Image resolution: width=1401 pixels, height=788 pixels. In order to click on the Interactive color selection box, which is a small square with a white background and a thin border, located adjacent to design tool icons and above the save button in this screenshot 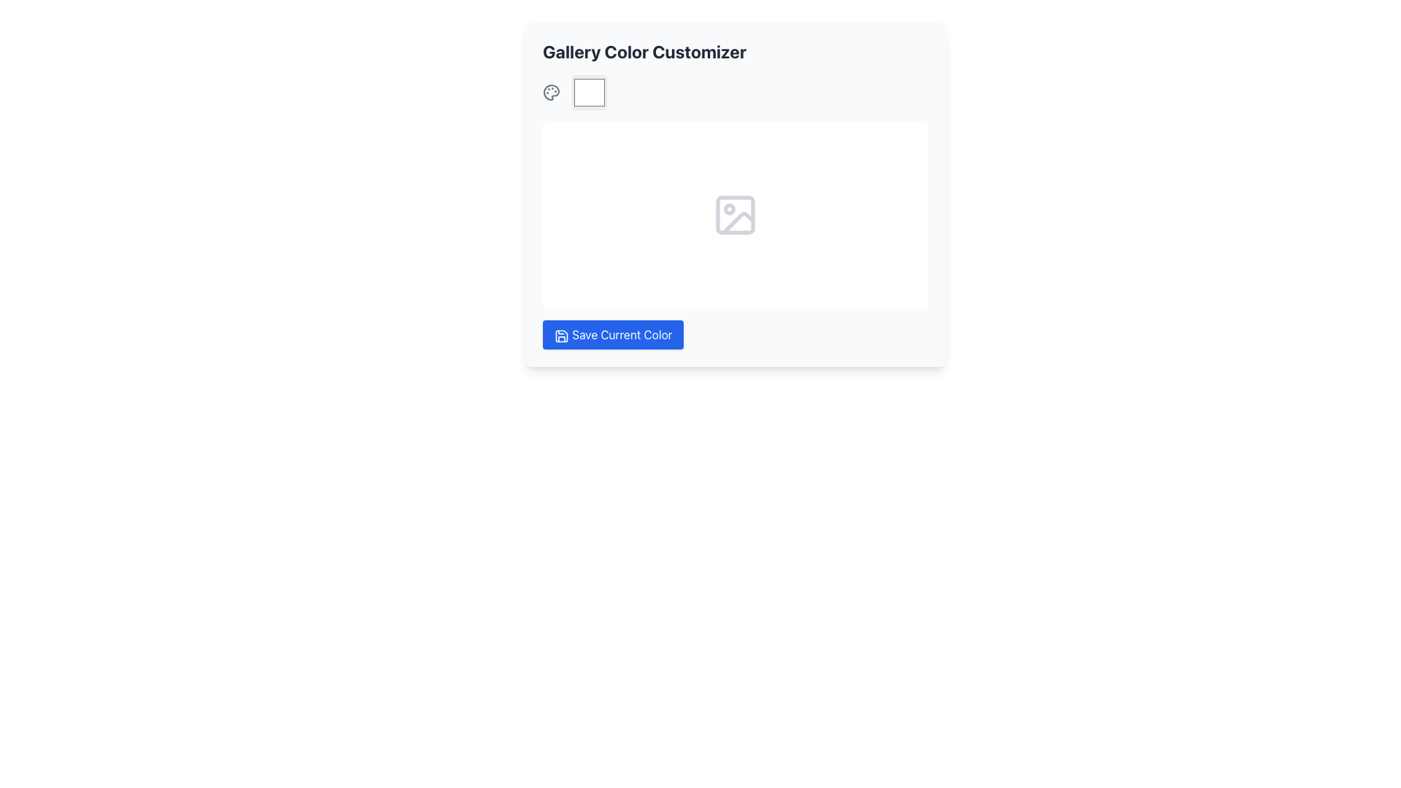, I will do `click(589, 93)`.